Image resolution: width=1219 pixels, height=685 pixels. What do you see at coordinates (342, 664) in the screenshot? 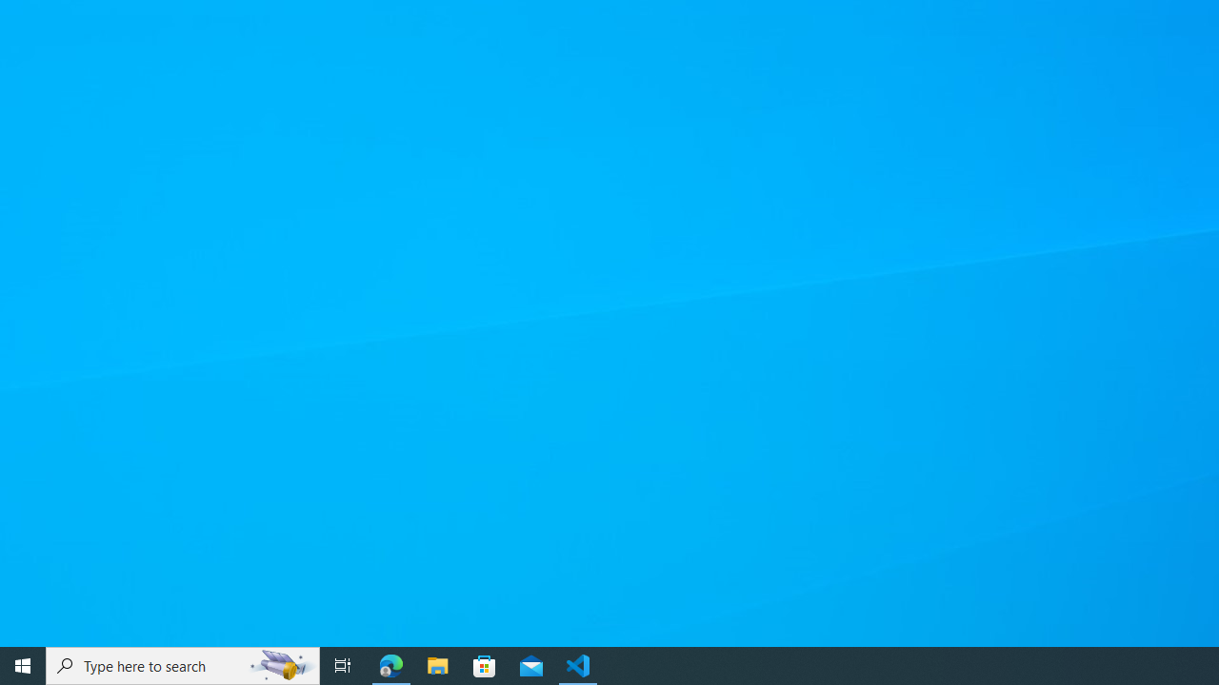
I see `'Task View'` at bounding box center [342, 664].